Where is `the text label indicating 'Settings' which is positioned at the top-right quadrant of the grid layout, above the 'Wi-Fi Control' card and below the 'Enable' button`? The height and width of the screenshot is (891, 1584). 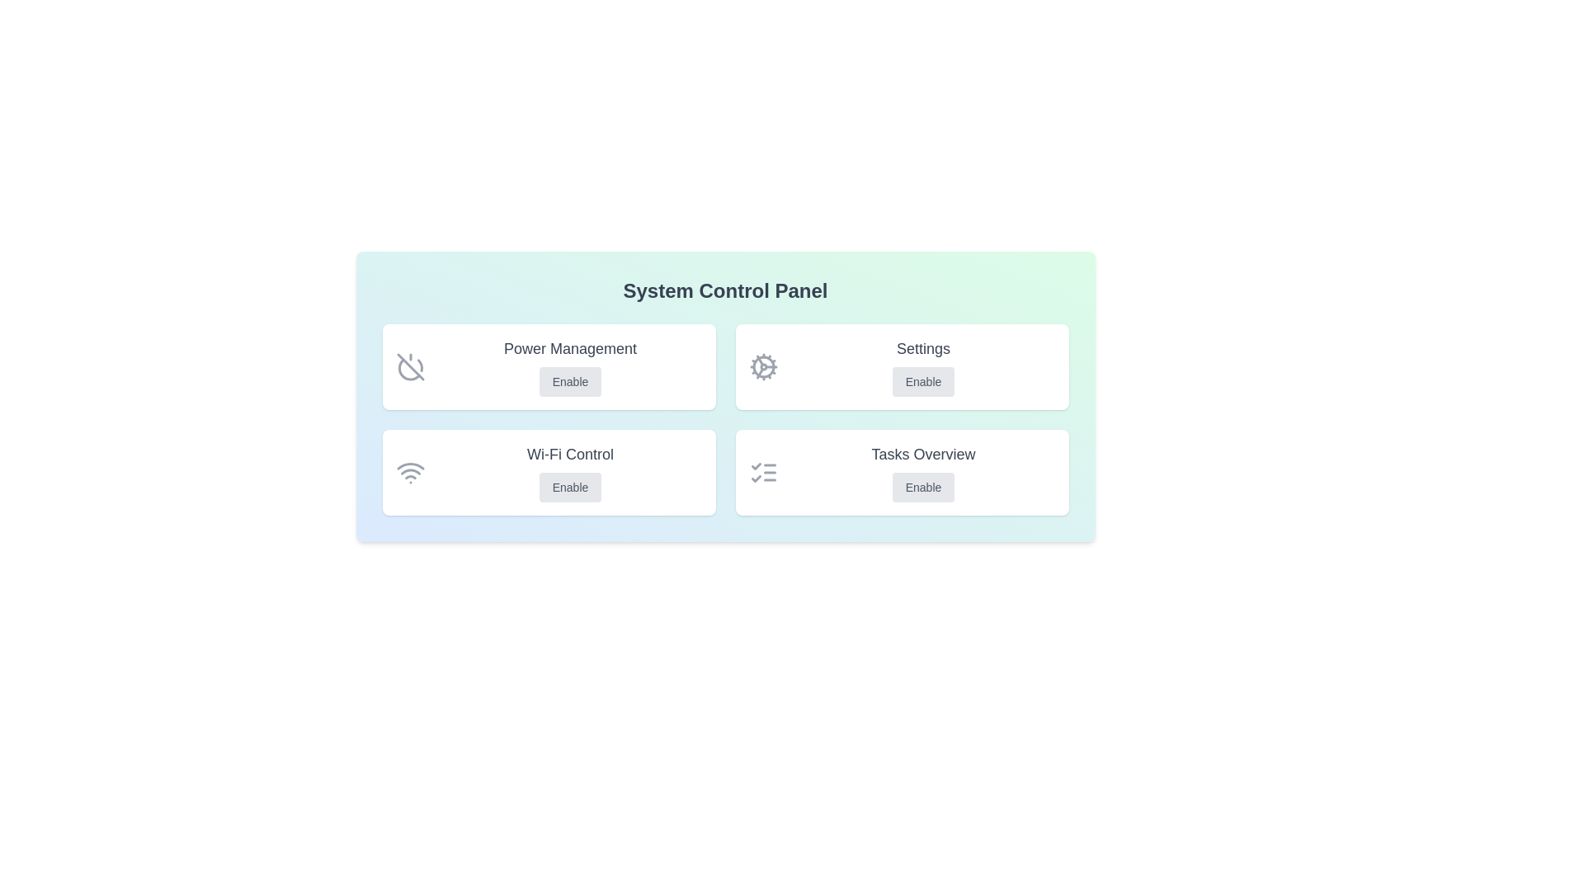 the text label indicating 'Settings' which is positioned at the top-right quadrant of the grid layout, above the 'Wi-Fi Control' card and below the 'Enable' button is located at coordinates (922, 348).